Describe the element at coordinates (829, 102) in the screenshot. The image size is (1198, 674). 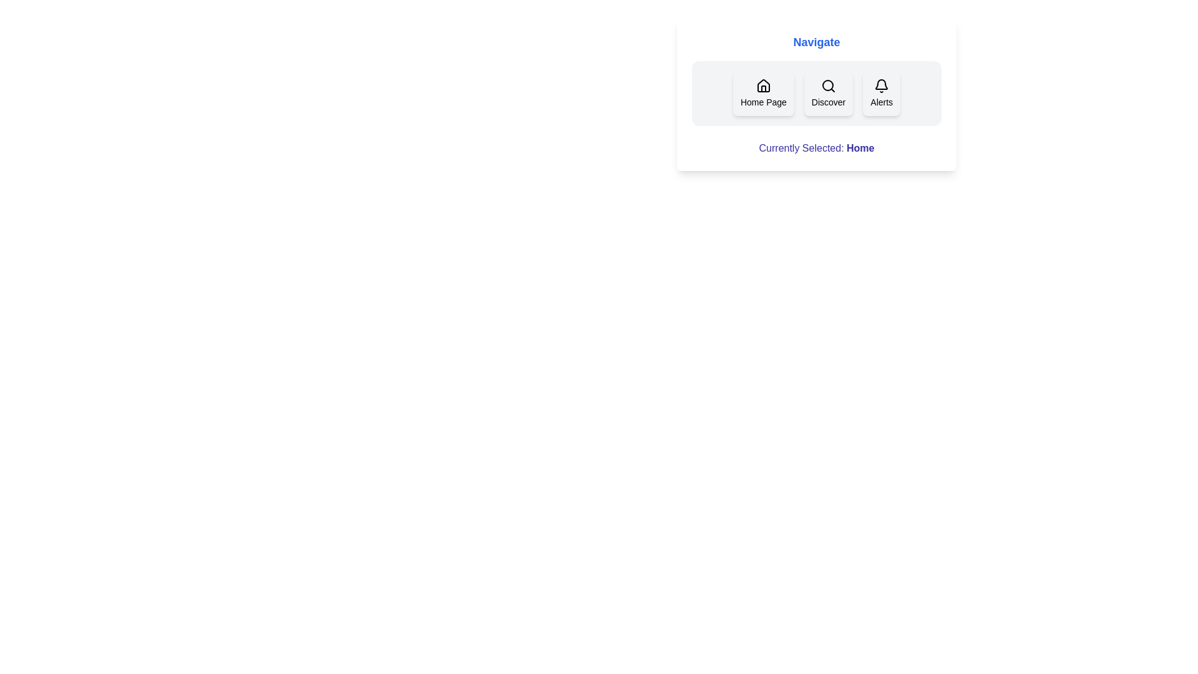
I see `the text label indicating the purpose of the 'Discover' button in the navigation bar` at that location.